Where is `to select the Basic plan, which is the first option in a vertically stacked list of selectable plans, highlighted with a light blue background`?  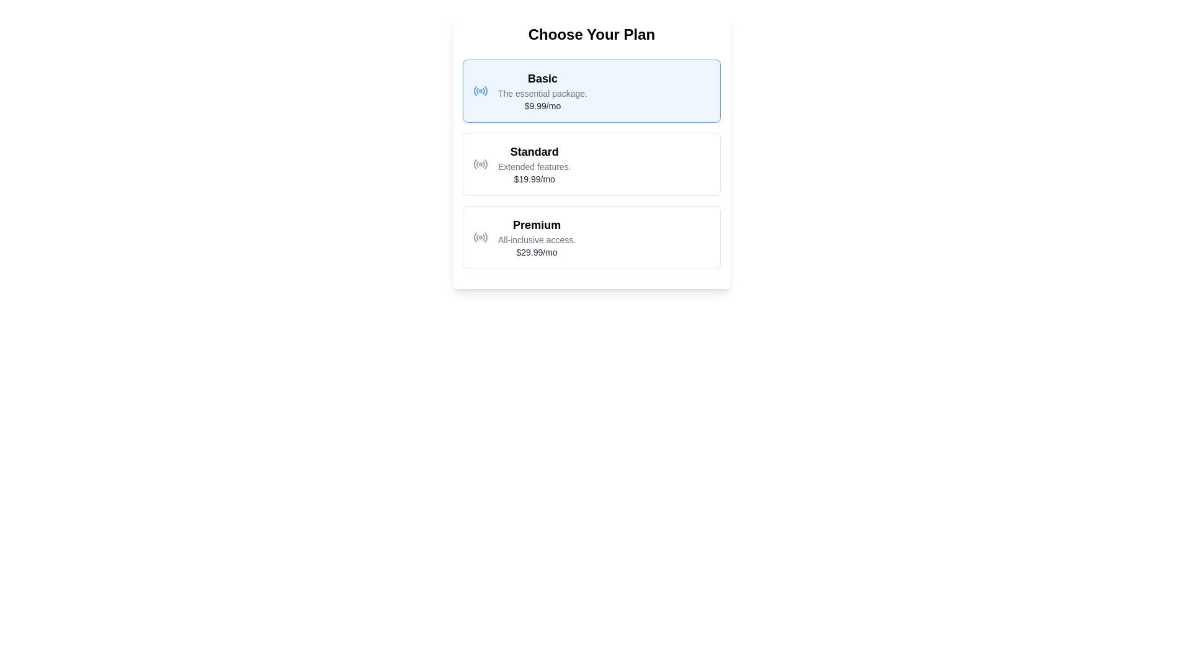
to select the Basic plan, which is the first option in a vertically stacked list of selectable plans, highlighted with a light blue background is located at coordinates (542, 90).